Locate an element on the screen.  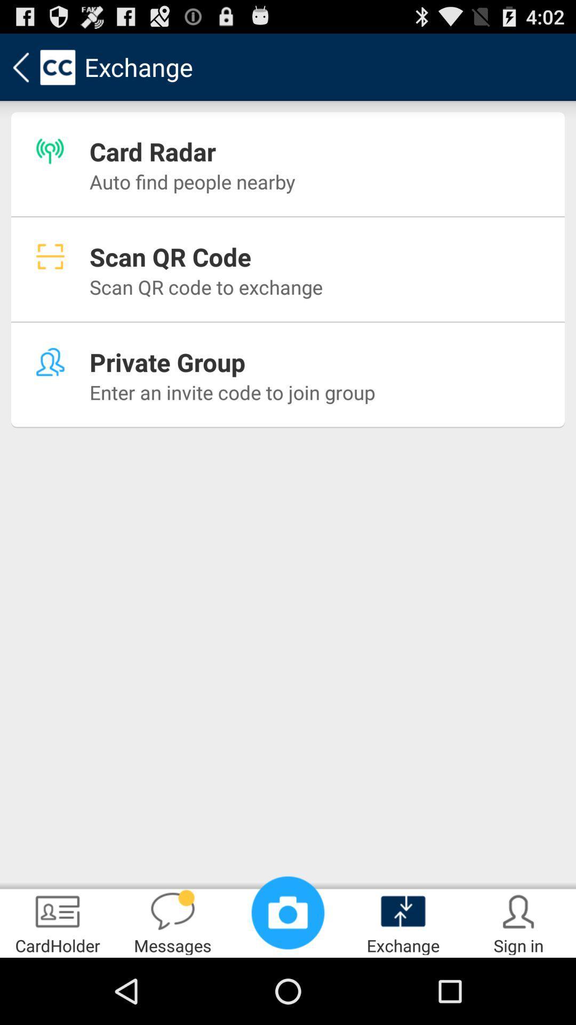
the item next to messages is located at coordinates (288, 912).